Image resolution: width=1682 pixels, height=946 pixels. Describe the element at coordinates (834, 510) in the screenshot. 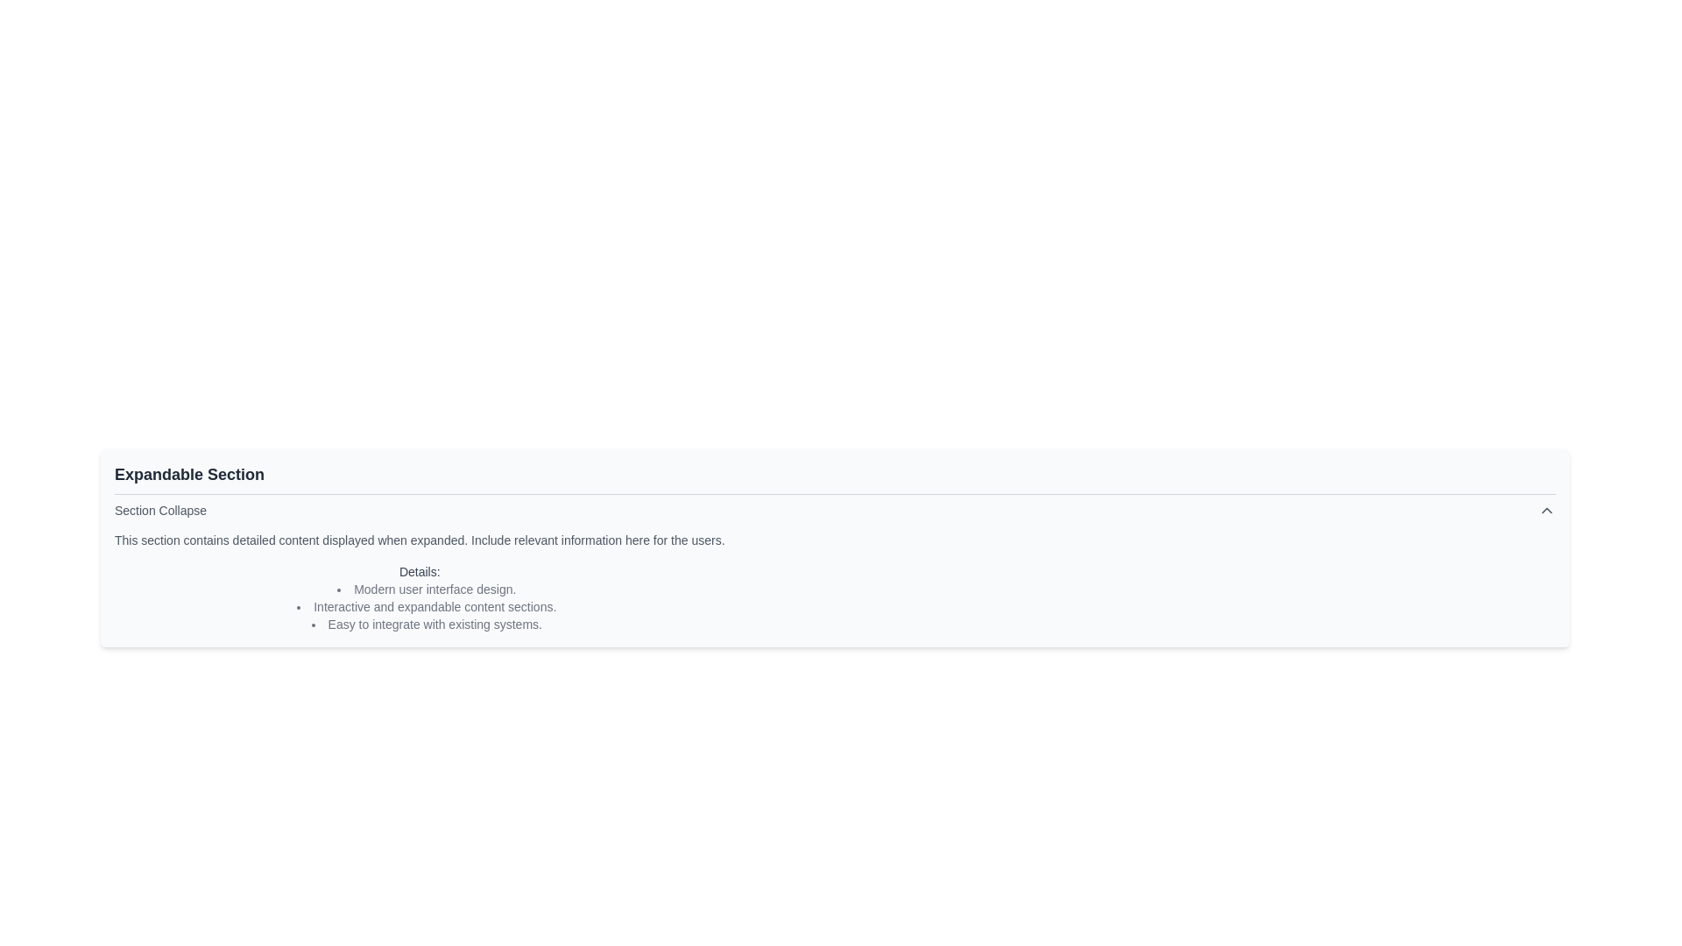

I see `the Collapsible Toggle labeled 'Section Collapse' to trigger any secondary action associated with it` at that location.